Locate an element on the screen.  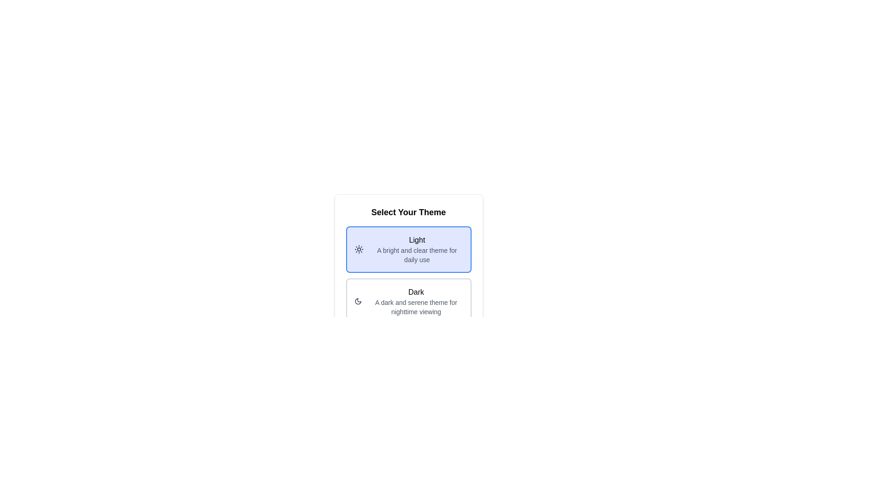
displayed text of the 'Dark' theme option located in the lower section of the themed selection card interface, which provides details about nighttime viewing is located at coordinates (415, 301).